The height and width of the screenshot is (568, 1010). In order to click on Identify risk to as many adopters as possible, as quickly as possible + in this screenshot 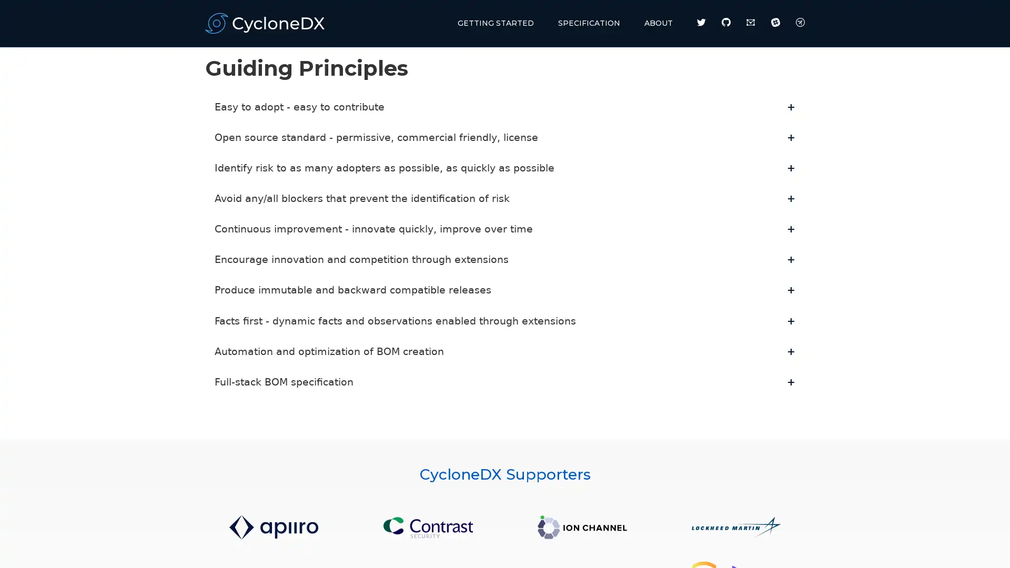, I will do `click(505, 168)`.